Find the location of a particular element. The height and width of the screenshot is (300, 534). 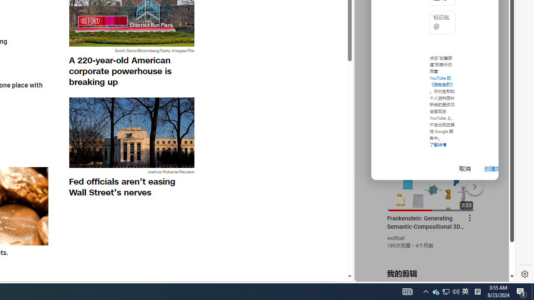

'#you' is located at coordinates (431, 182).